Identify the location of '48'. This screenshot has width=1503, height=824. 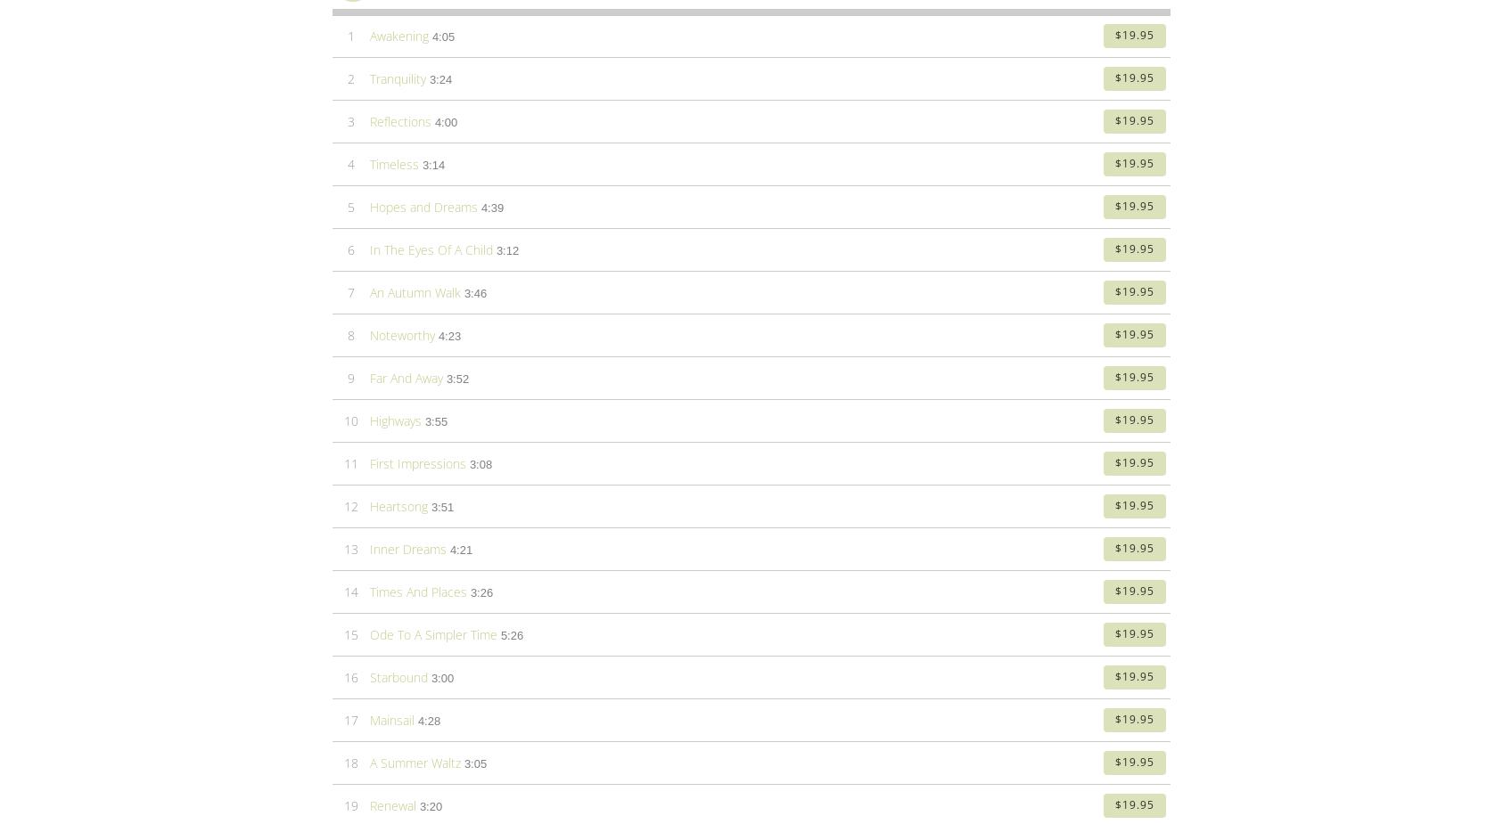
(342, 211).